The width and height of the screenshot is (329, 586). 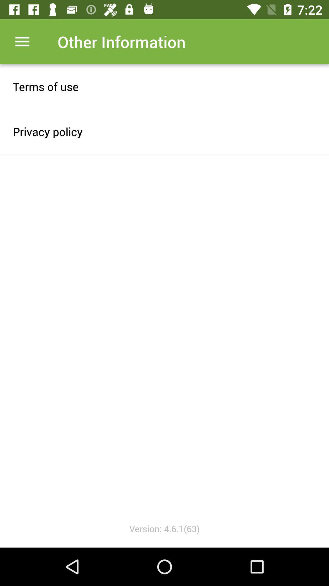 What do you see at coordinates (164, 86) in the screenshot?
I see `the terms of use` at bounding box center [164, 86].